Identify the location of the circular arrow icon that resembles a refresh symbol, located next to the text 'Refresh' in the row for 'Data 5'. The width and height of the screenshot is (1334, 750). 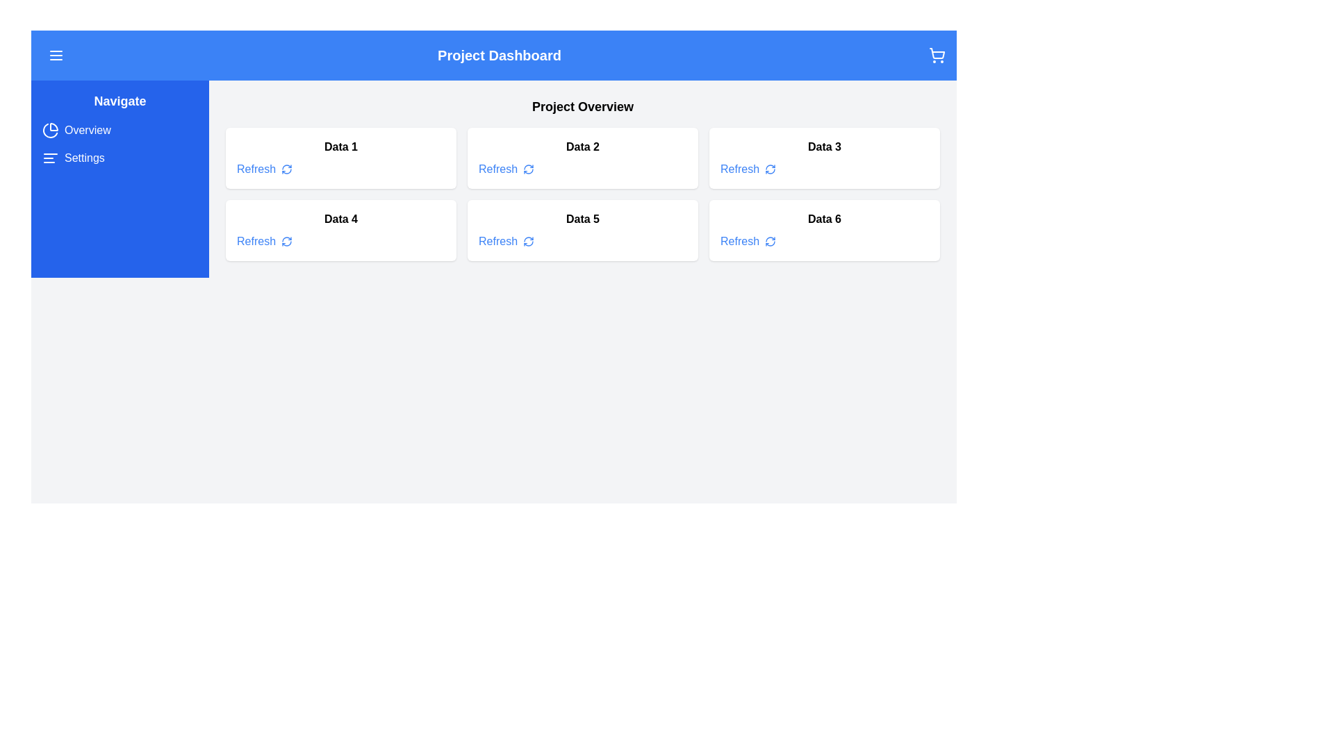
(528, 240).